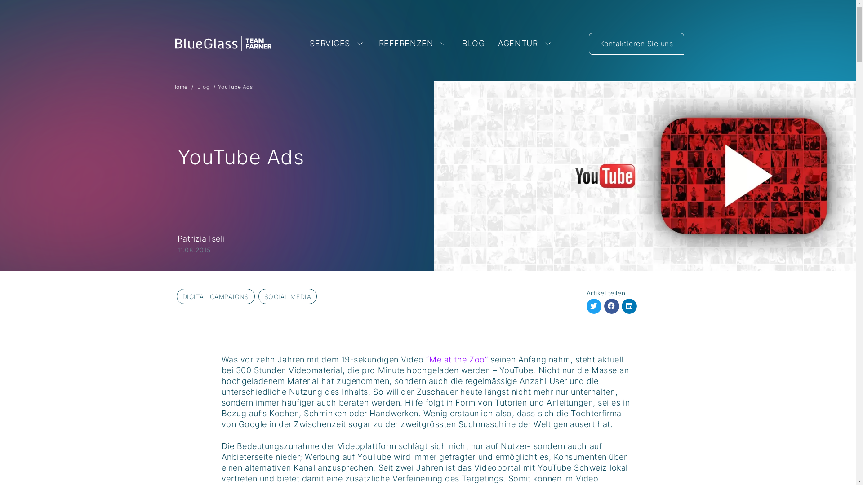 The height and width of the screenshot is (485, 863). What do you see at coordinates (525, 43) in the screenshot?
I see `'AGENTUR'` at bounding box center [525, 43].